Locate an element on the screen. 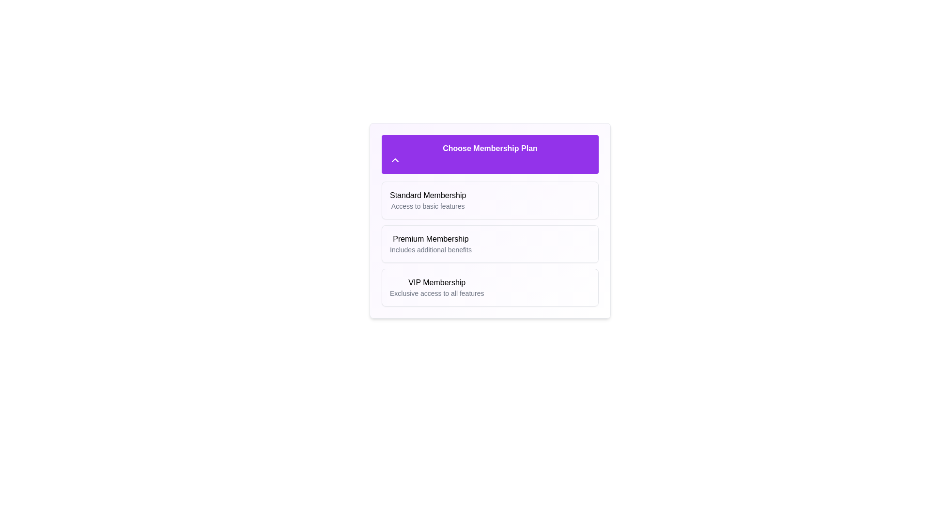  the informational card that states 'Premium Membership' with the description 'Includes additional benefits', which is the second card in the membership options list is located at coordinates (490, 244).